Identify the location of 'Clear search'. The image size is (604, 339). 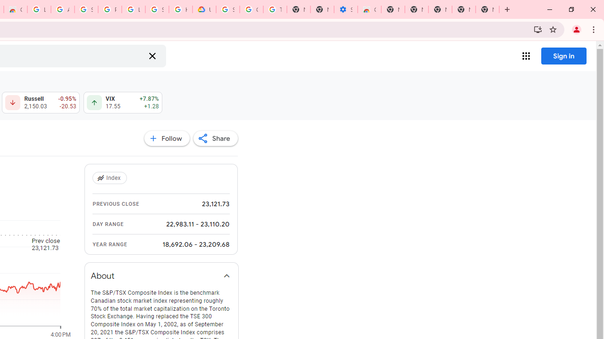
(152, 56).